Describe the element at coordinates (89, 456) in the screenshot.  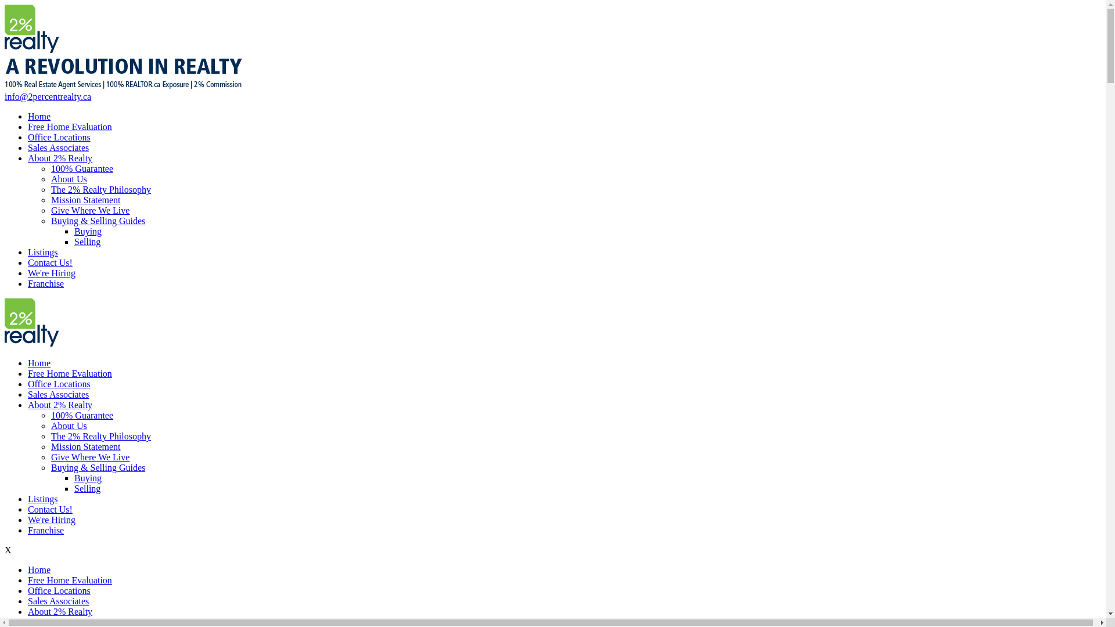
I see `'Give Where We Live'` at that location.